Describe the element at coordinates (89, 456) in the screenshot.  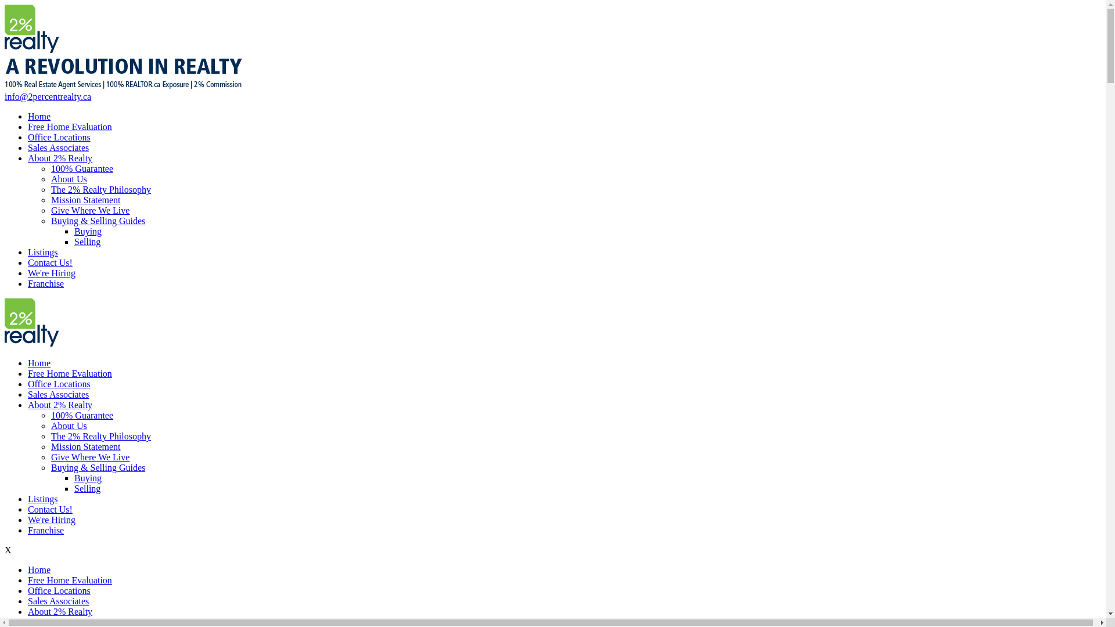
I see `'Give Where We Live'` at that location.